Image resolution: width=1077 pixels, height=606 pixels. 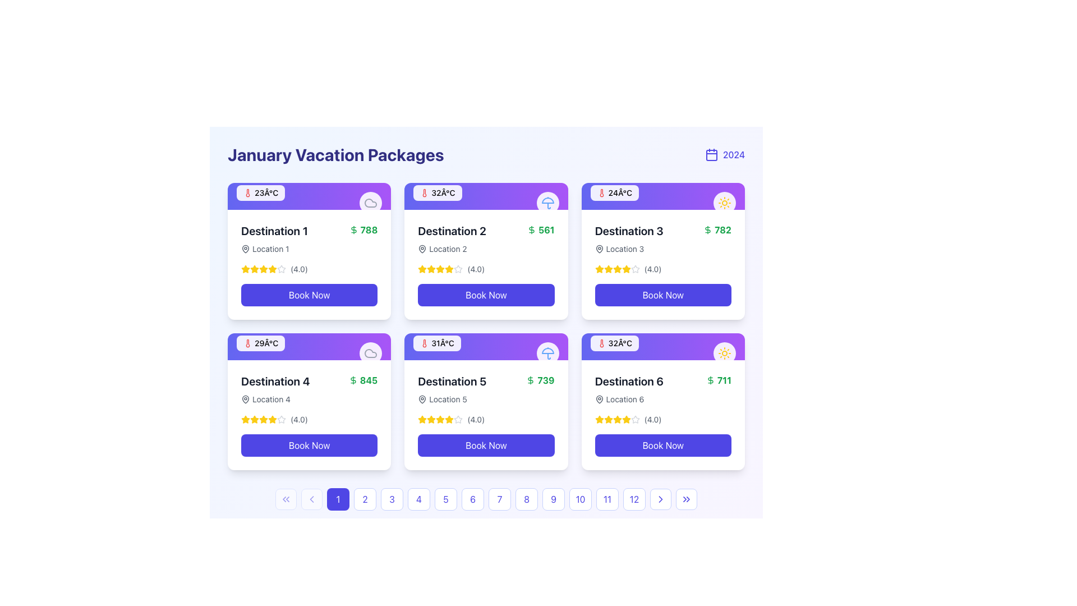 What do you see at coordinates (607, 419) in the screenshot?
I see `the fifth star icon in the rating section of the 'Destination 6' vacation package card to rate it` at bounding box center [607, 419].